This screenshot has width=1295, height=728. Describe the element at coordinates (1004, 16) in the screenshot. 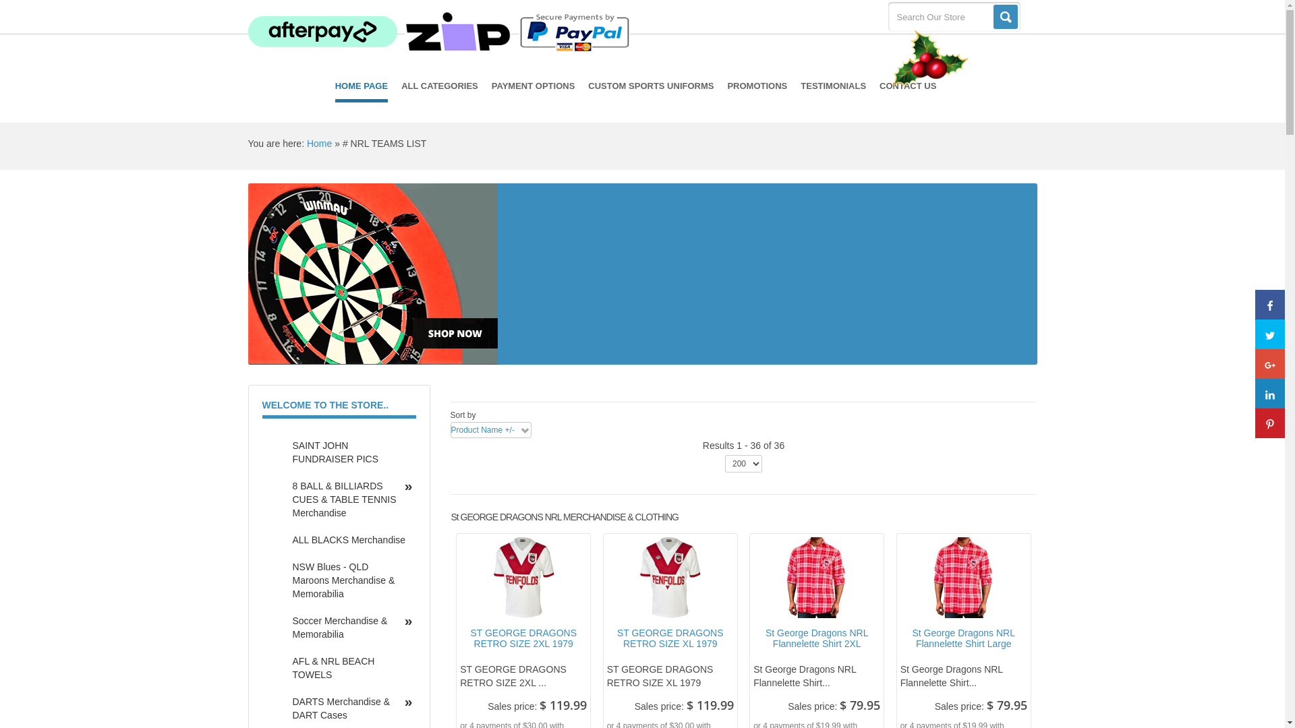

I see `'Search'` at that location.